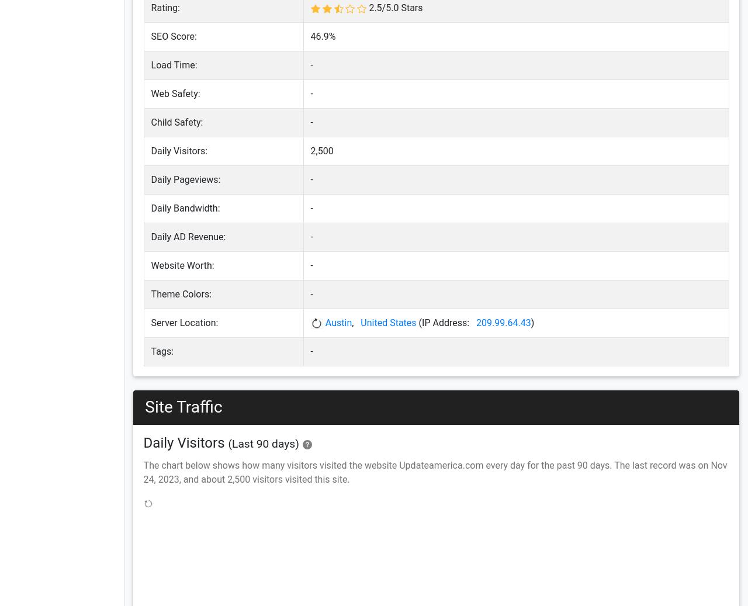 The image size is (748, 606). I want to click on 'United States', so click(388, 322).